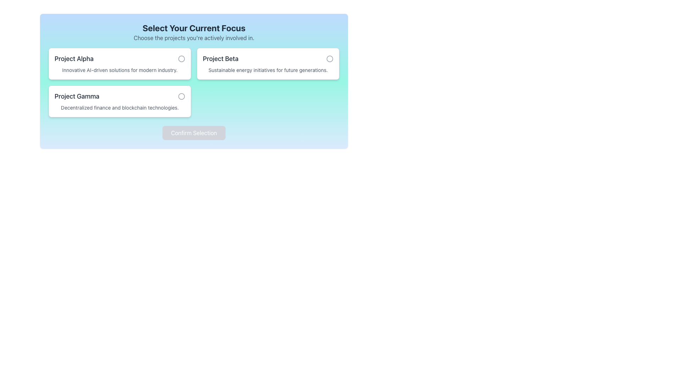 The height and width of the screenshot is (383, 681). Describe the element at coordinates (120, 108) in the screenshot. I see `the descriptive text located in the lower part of the 'Project Gamma' card, directly underneath the title text and centrally aligned within the card layout` at that location.